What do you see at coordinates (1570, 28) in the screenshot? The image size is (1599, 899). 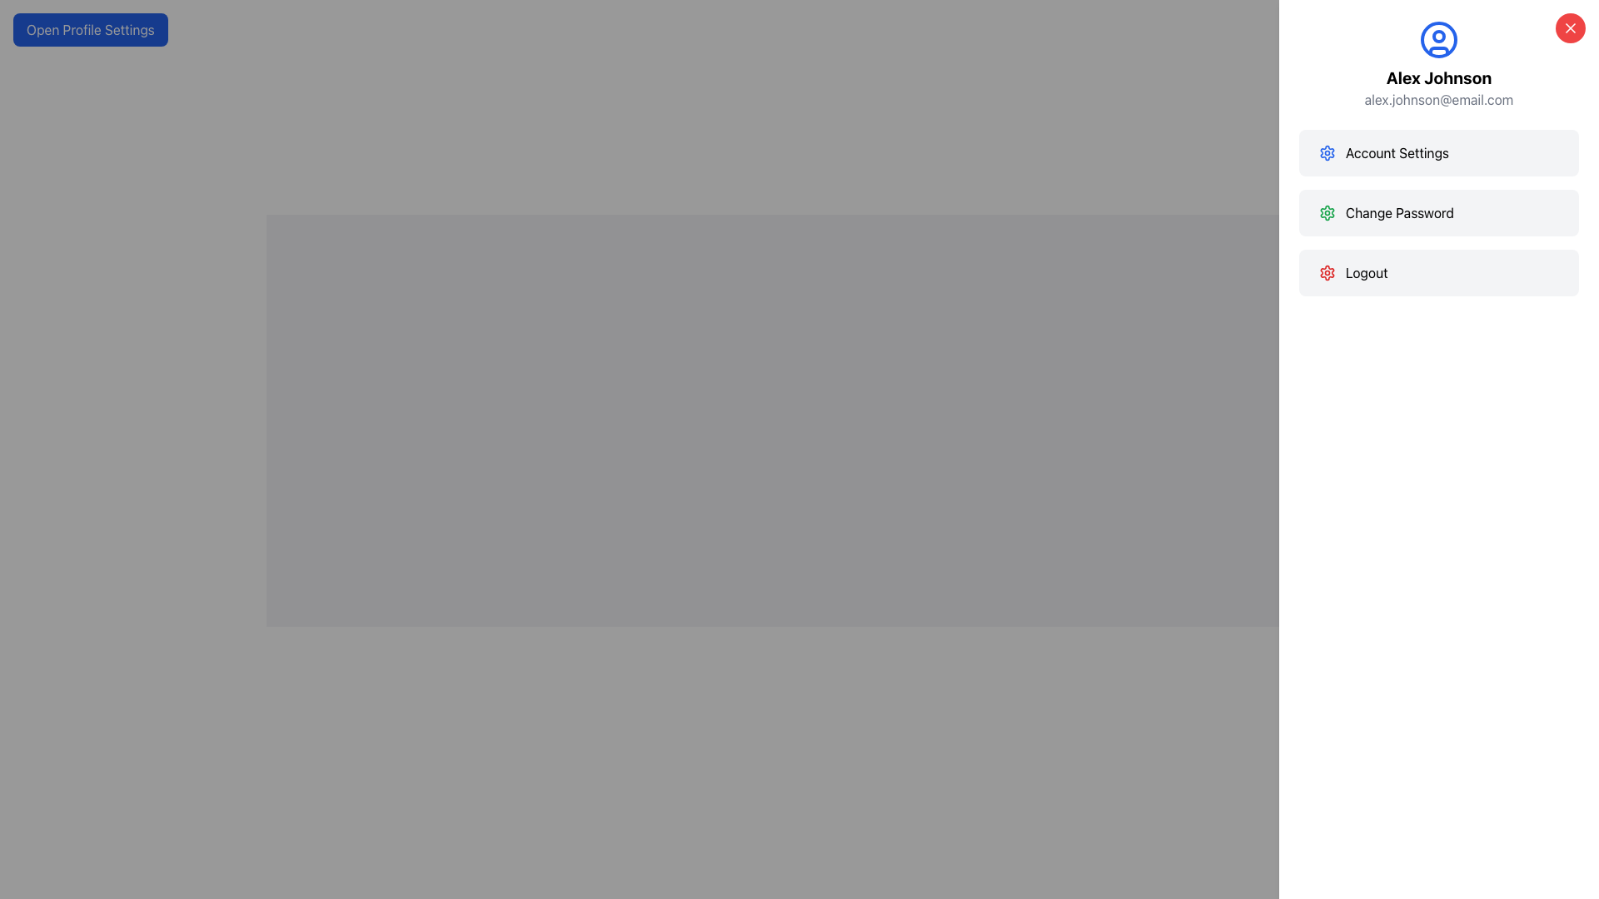 I see `the close button located at the top-right corner of the white side panel containing account settings and user information` at bounding box center [1570, 28].